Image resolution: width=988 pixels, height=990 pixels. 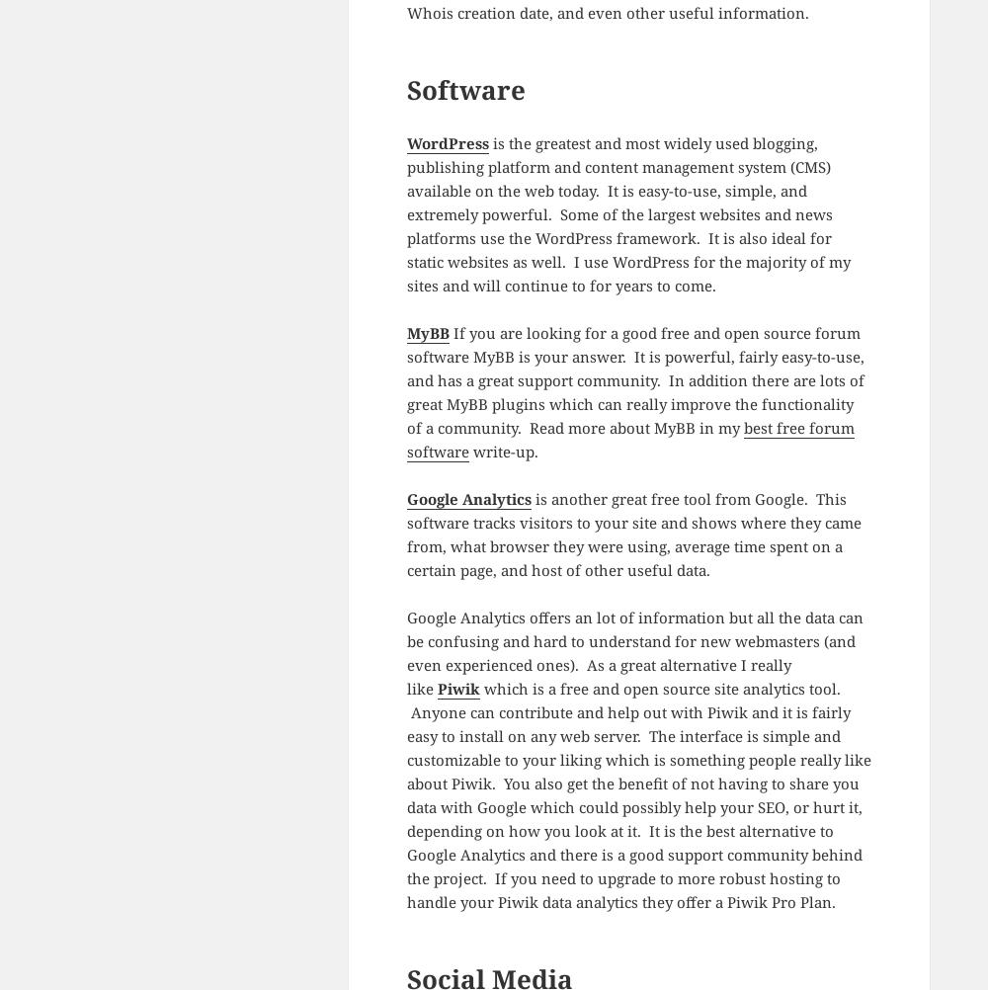 What do you see at coordinates (406, 498) in the screenshot?
I see `'Google Analytics'` at bounding box center [406, 498].